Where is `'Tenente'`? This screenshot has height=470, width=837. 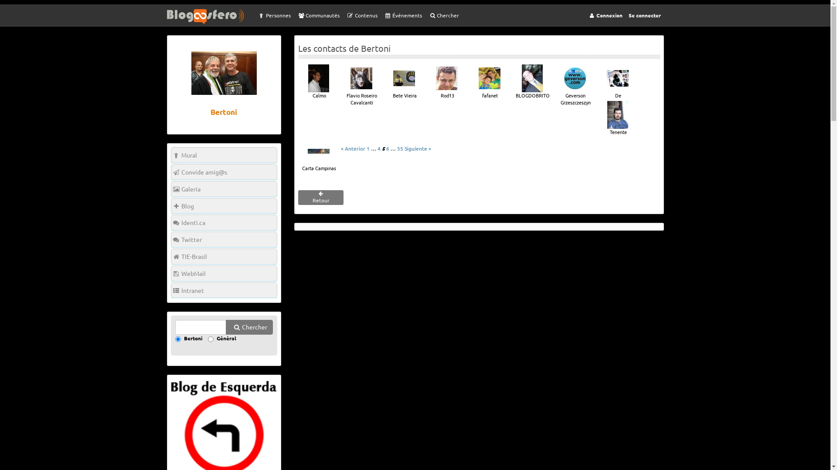
'Tenente' is located at coordinates (597, 118).